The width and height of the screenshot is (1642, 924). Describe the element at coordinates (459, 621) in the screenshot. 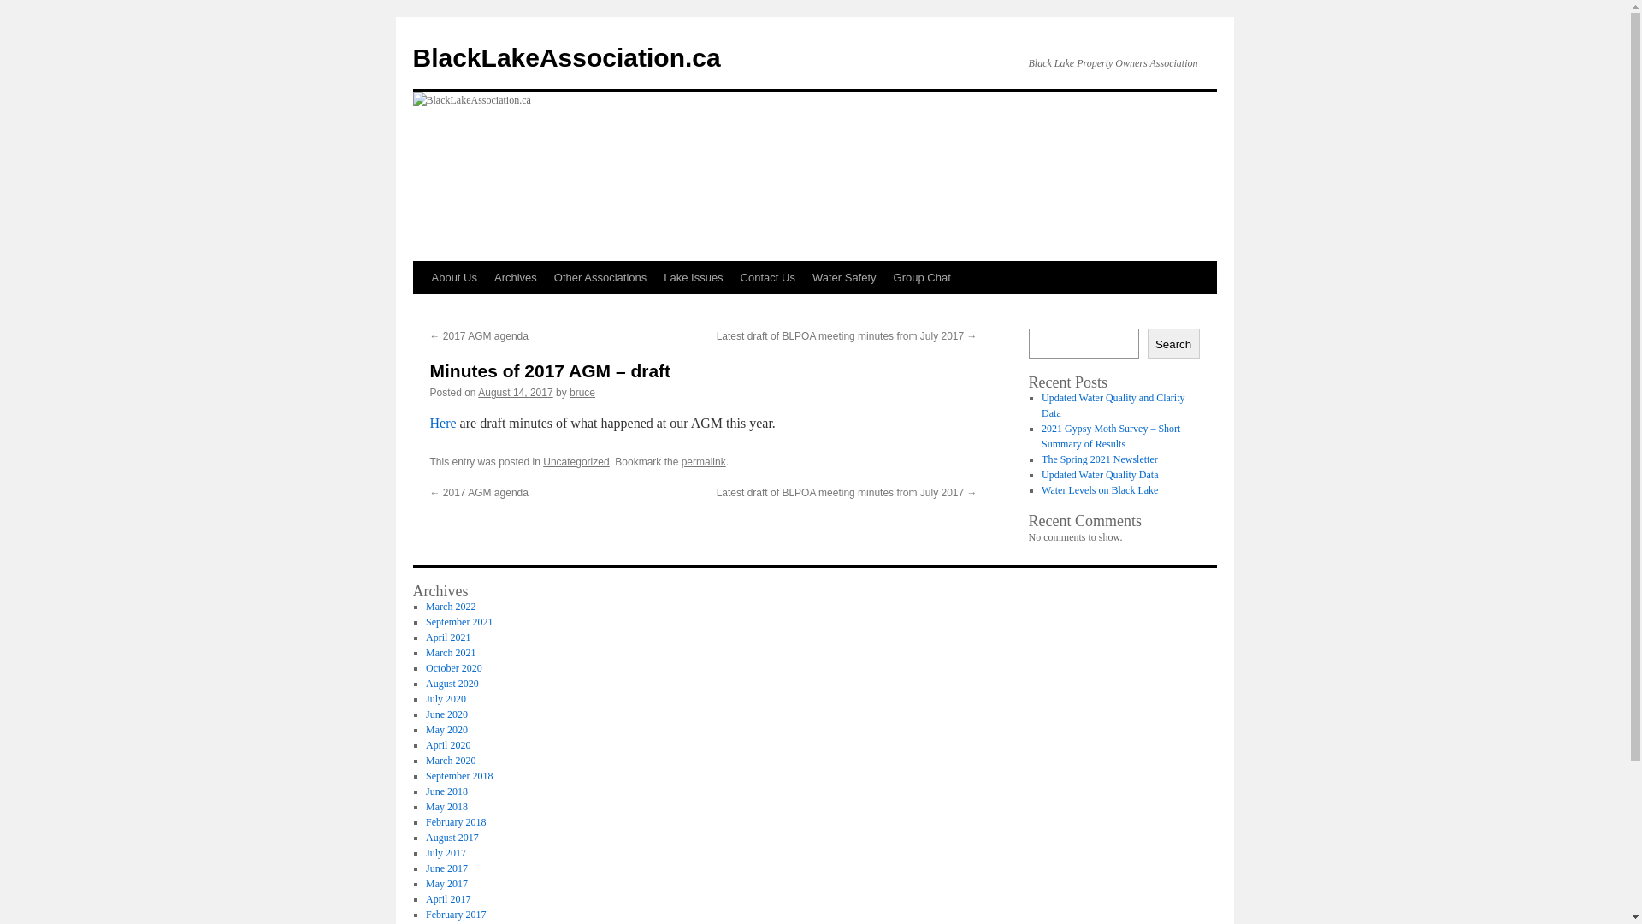

I see `'September 2021'` at that location.